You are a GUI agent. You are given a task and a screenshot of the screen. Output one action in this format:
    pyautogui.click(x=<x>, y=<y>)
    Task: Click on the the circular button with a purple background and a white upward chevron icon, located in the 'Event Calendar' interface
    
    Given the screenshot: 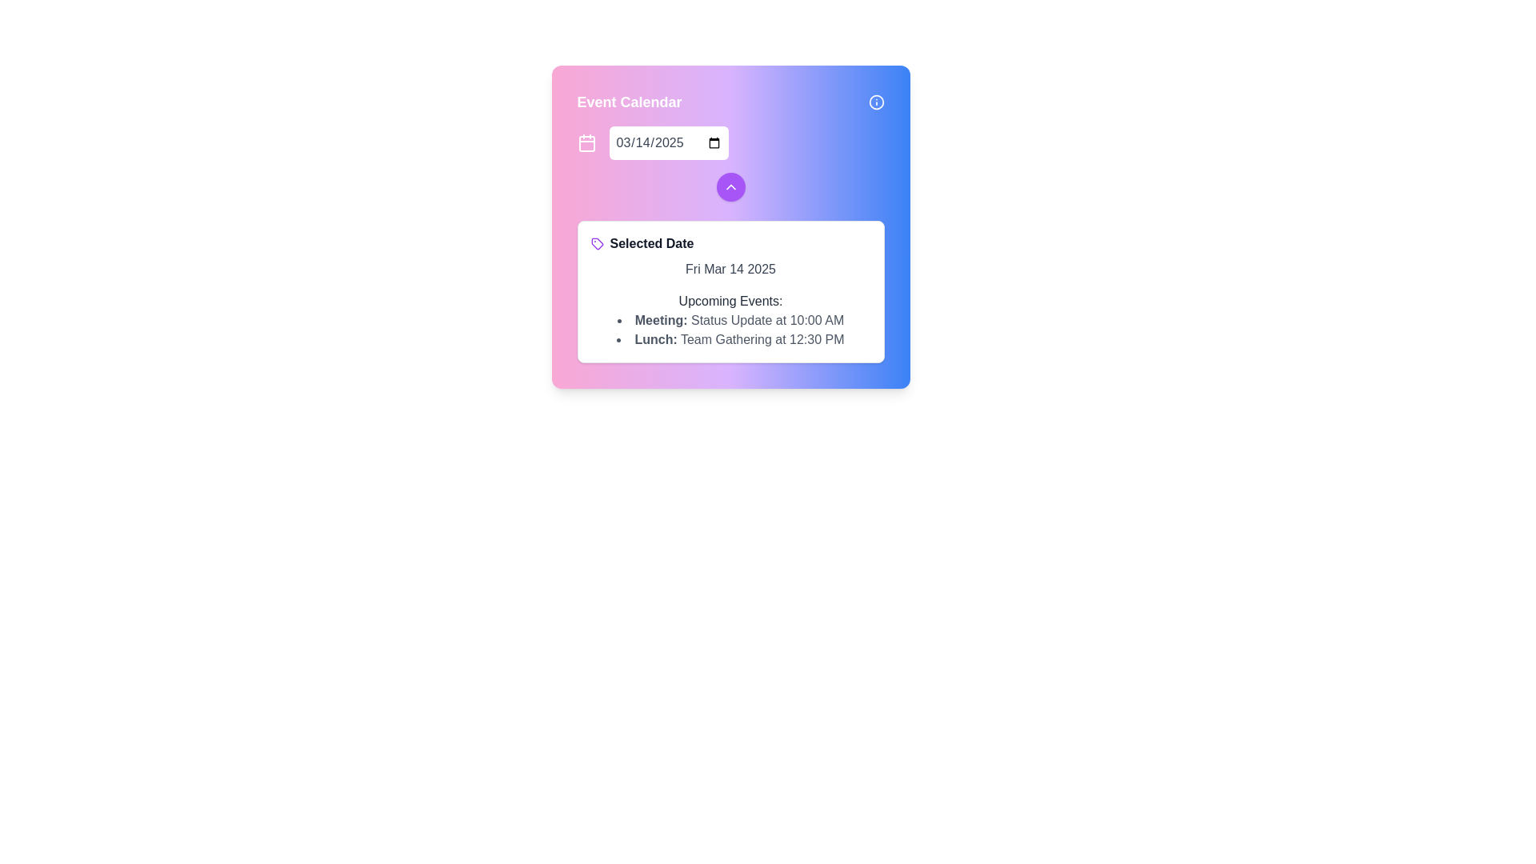 What is the action you would take?
    pyautogui.click(x=730, y=186)
    